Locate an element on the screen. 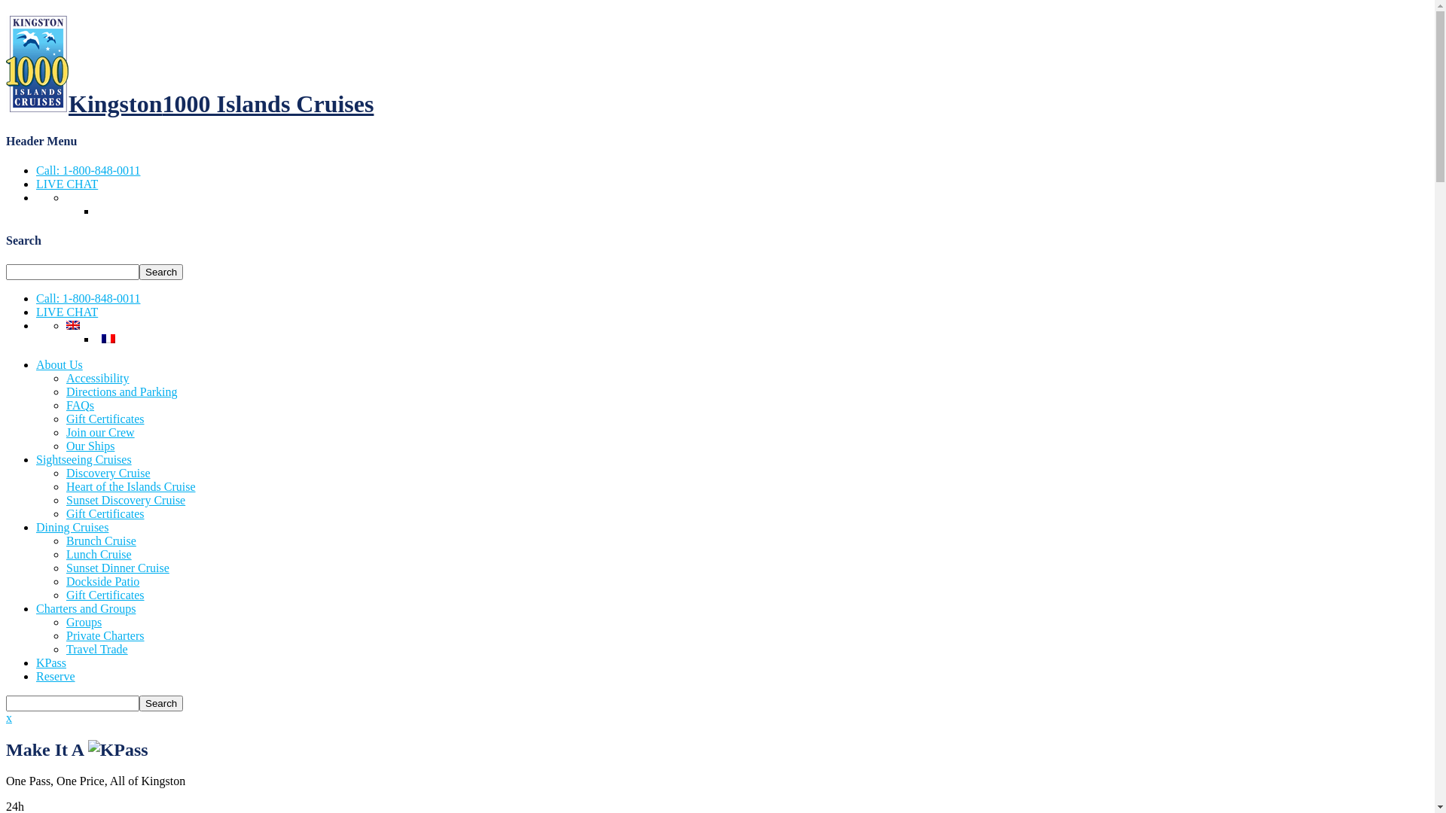 Image resolution: width=1446 pixels, height=813 pixels. 'Discovery Cruise' is located at coordinates (108, 472).